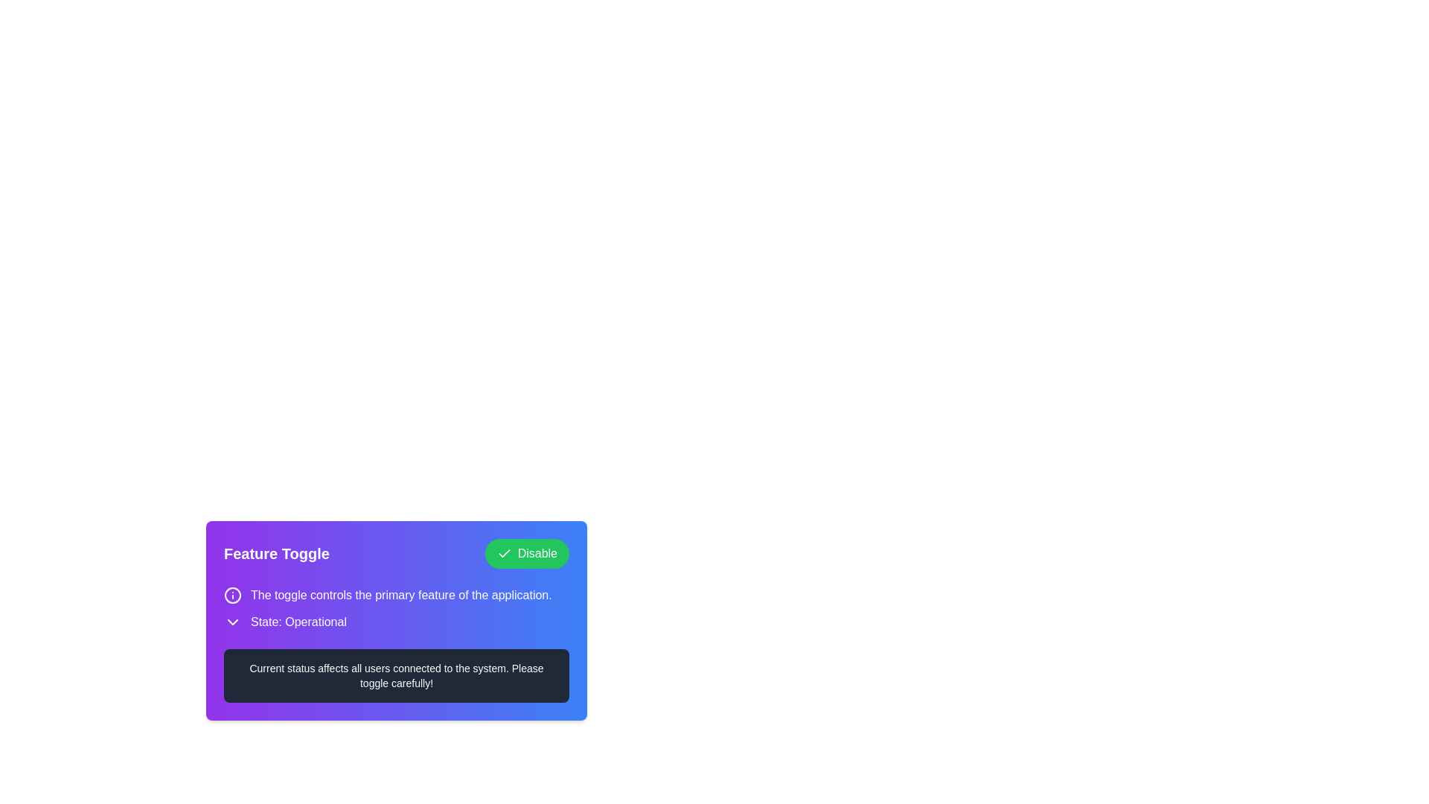  What do you see at coordinates (504, 553) in the screenshot?
I see `the Checkmark icon located on the right-hand side of the 'Disable' button at the top-right corner of the 'Feature Toggle' card` at bounding box center [504, 553].